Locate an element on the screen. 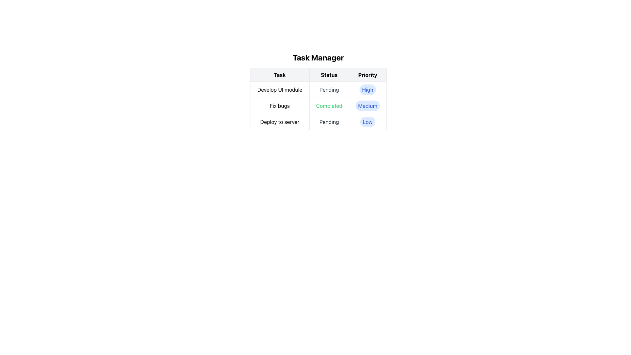 The width and height of the screenshot is (631, 355). the text label displaying 'Pending' in the 'Status' column of the Task Manager table, located next to the 'Develop UI module' task is located at coordinates (329, 90).